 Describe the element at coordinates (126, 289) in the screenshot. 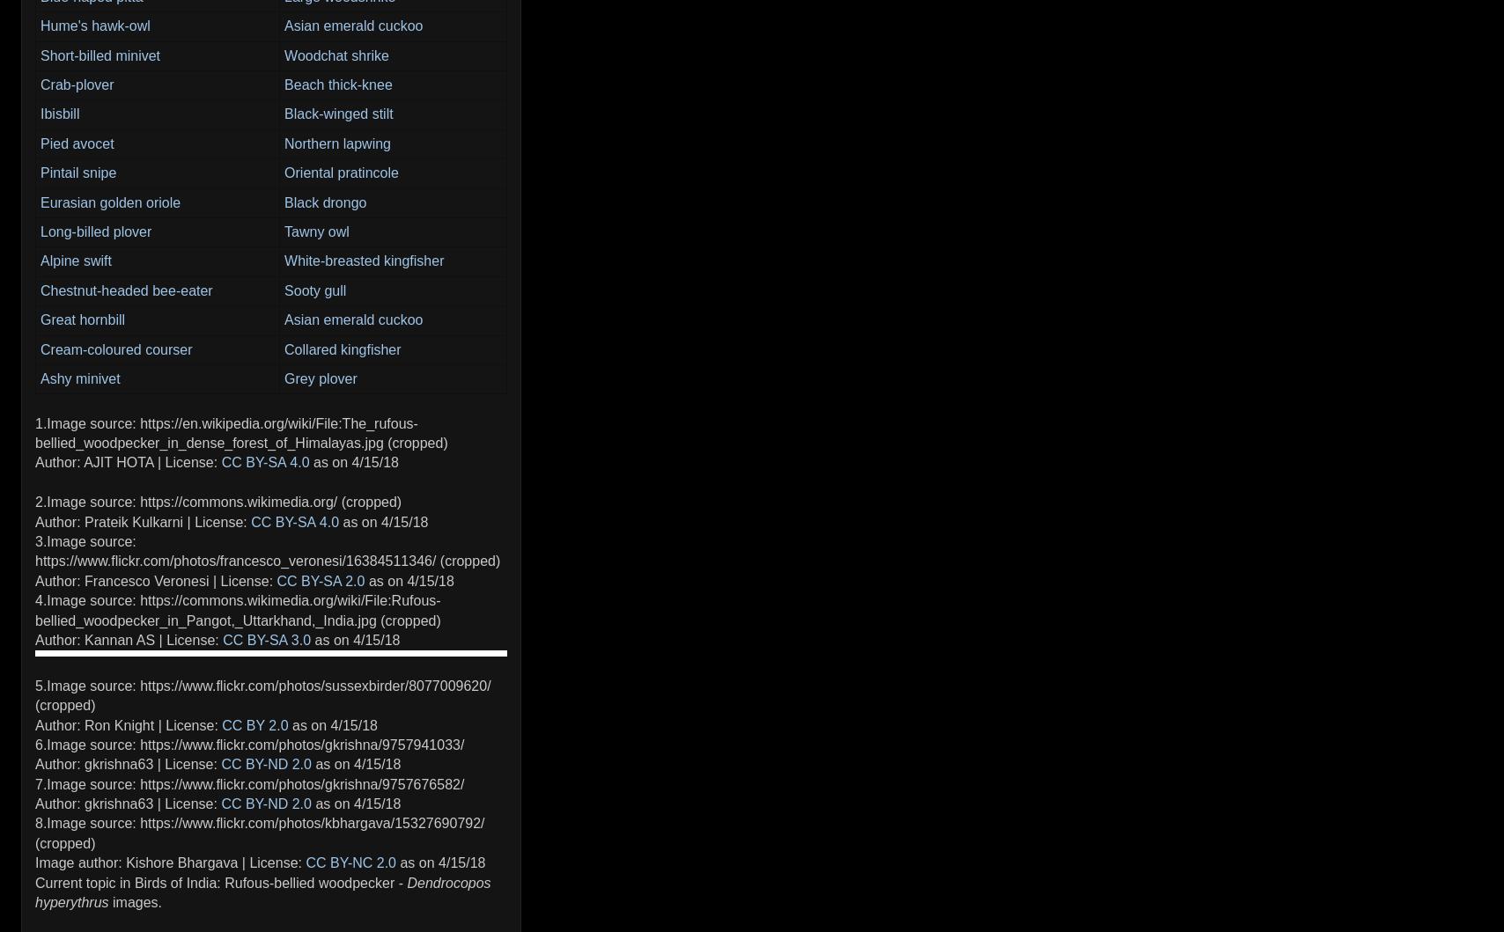

I see `'Chestnut-headed bee-eater'` at that location.